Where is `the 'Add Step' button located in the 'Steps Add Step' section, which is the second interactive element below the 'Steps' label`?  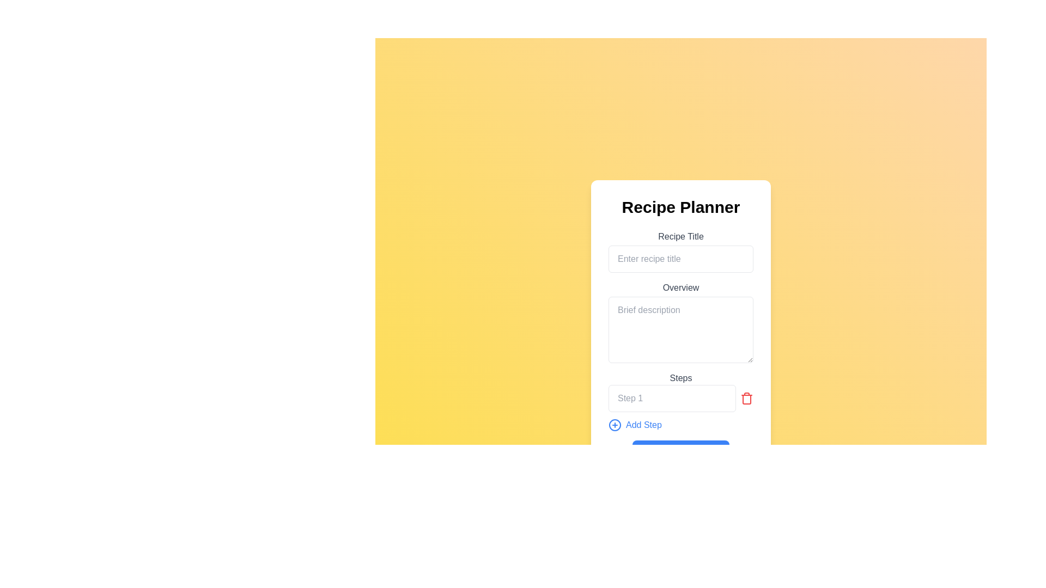 the 'Add Step' button located in the 'Steps Add Step' section, which is the second interactive element below the 'Steps' label is located at coordinates (635, 424).